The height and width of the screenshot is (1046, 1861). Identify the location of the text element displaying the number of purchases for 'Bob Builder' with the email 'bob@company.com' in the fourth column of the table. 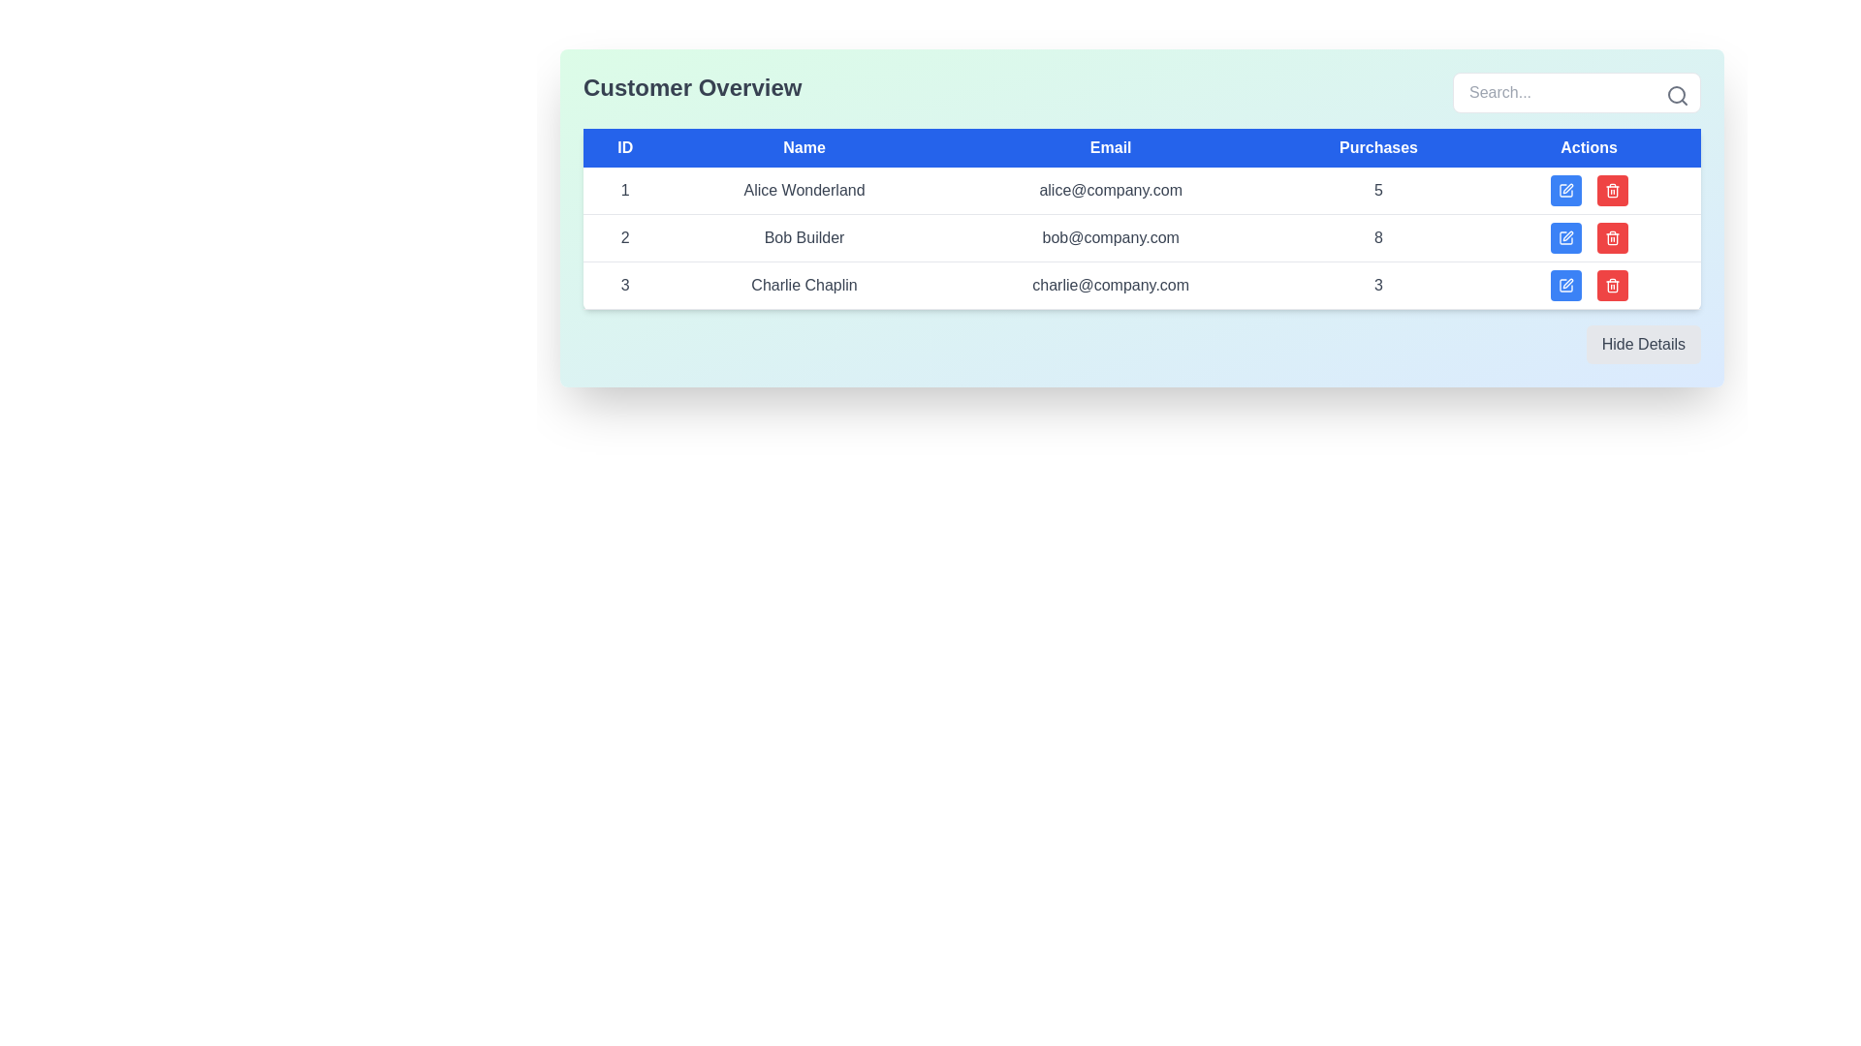
(1377, 237).